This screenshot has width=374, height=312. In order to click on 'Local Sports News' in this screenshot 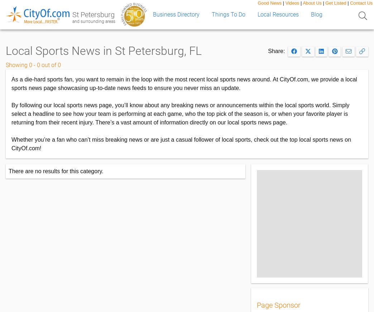, I will do `click(5, 50)`.